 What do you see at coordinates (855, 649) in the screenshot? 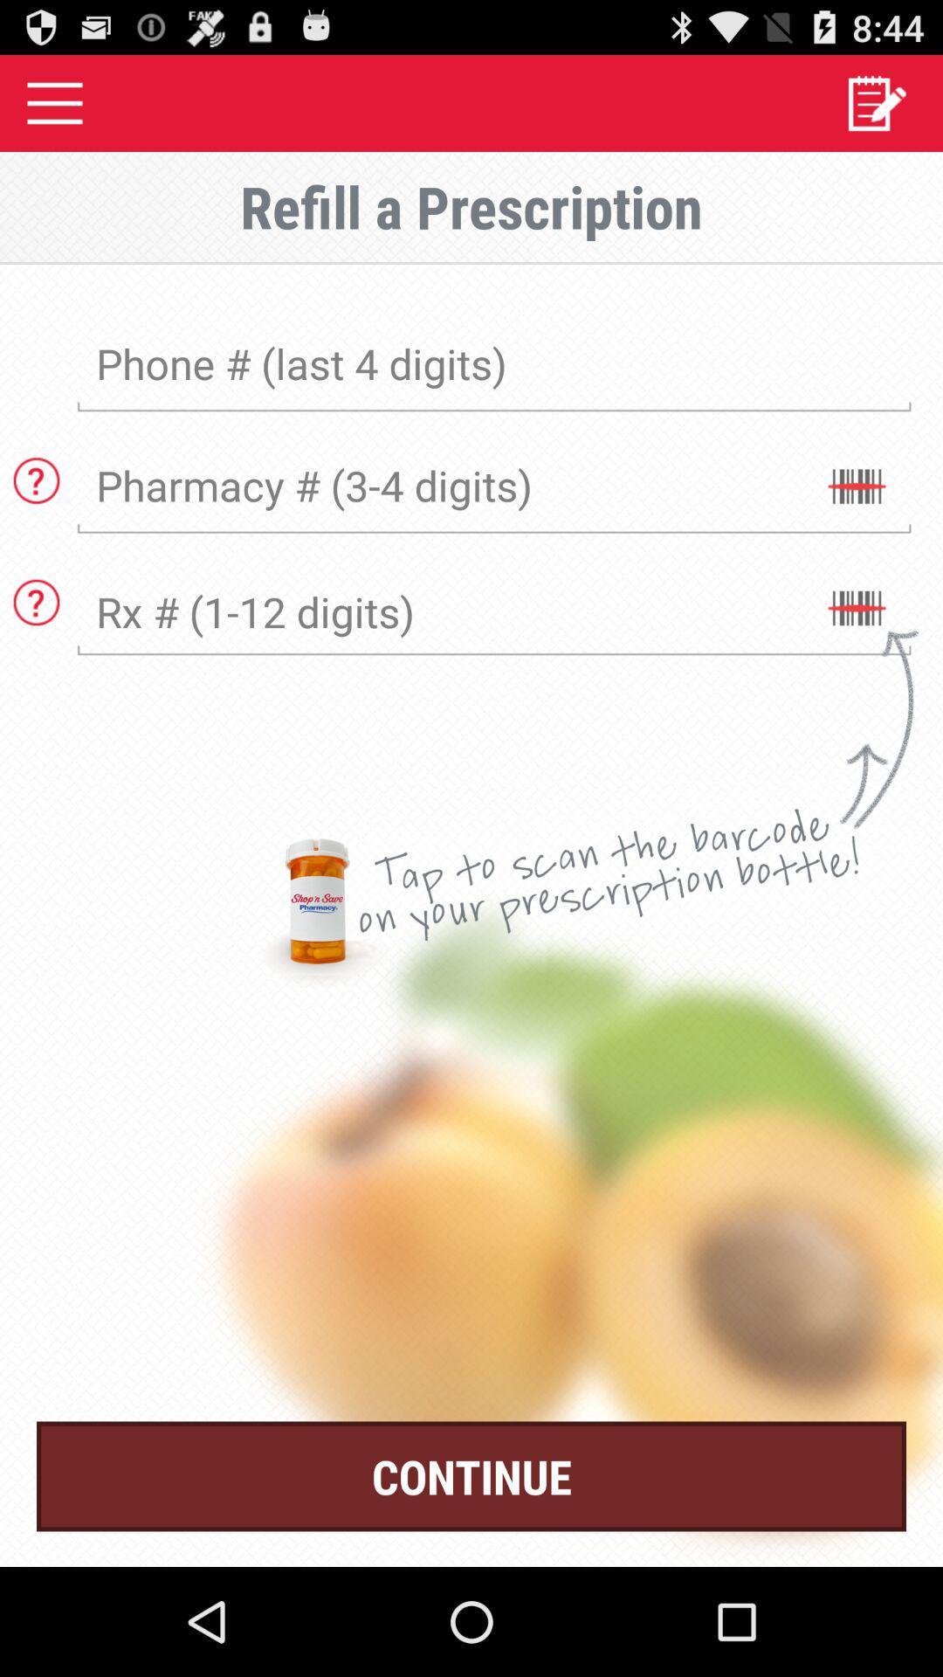
I see `the sliders icon` at bounding box center [855, 649].